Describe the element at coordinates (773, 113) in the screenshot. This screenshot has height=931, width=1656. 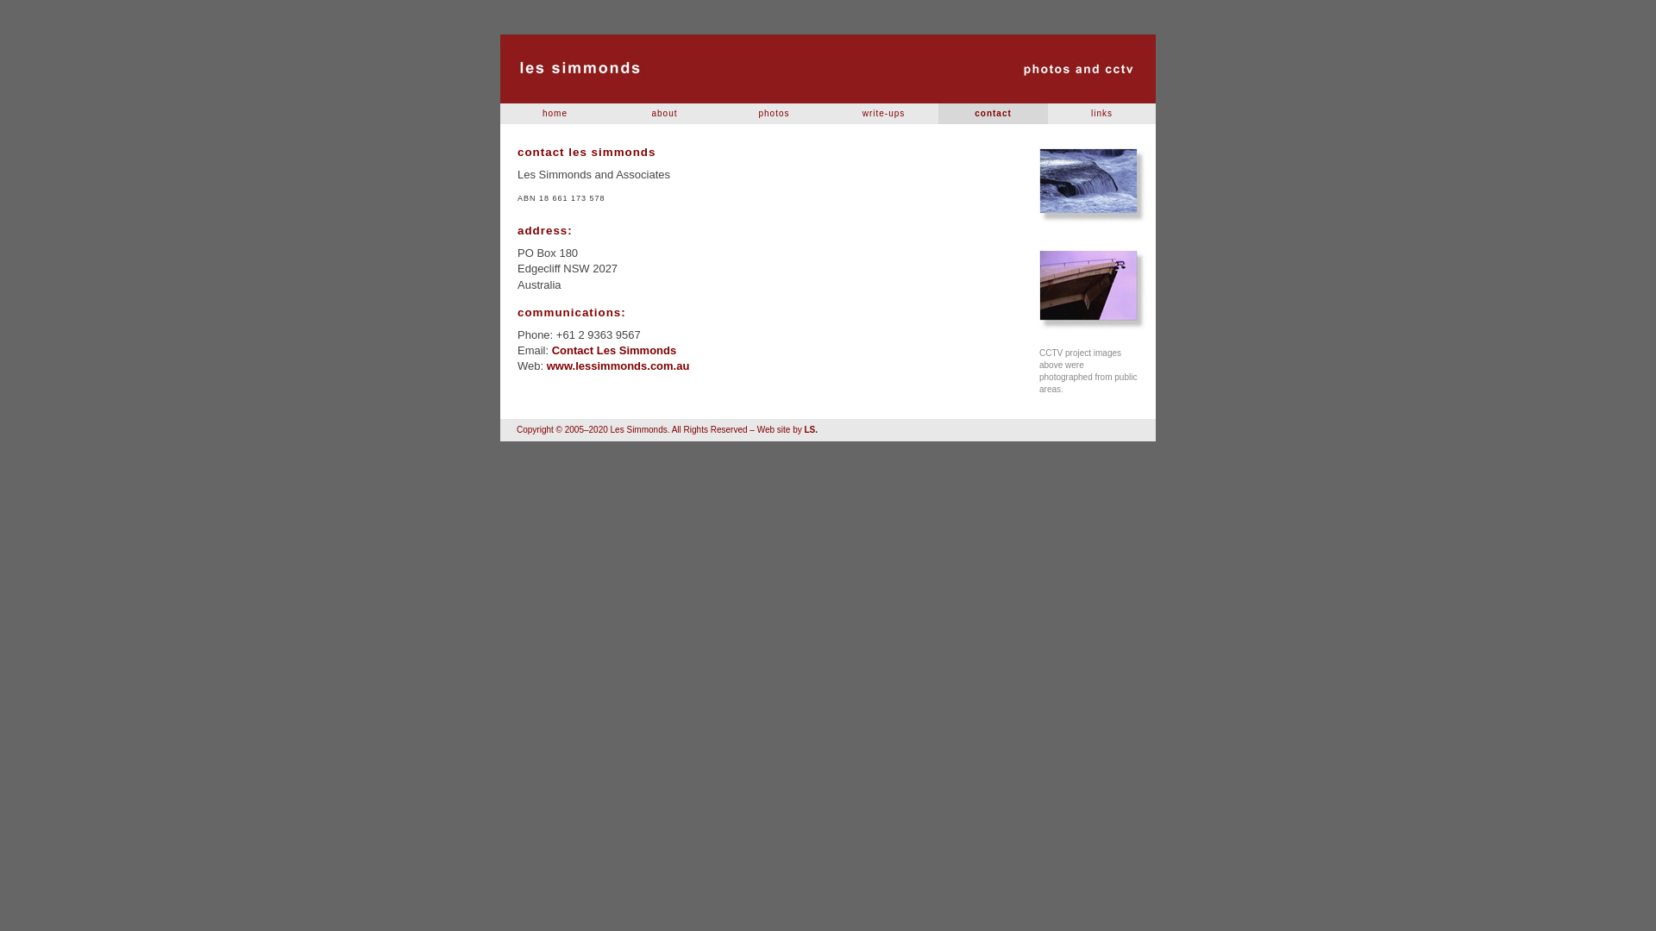
I see `'photos'` at that location.